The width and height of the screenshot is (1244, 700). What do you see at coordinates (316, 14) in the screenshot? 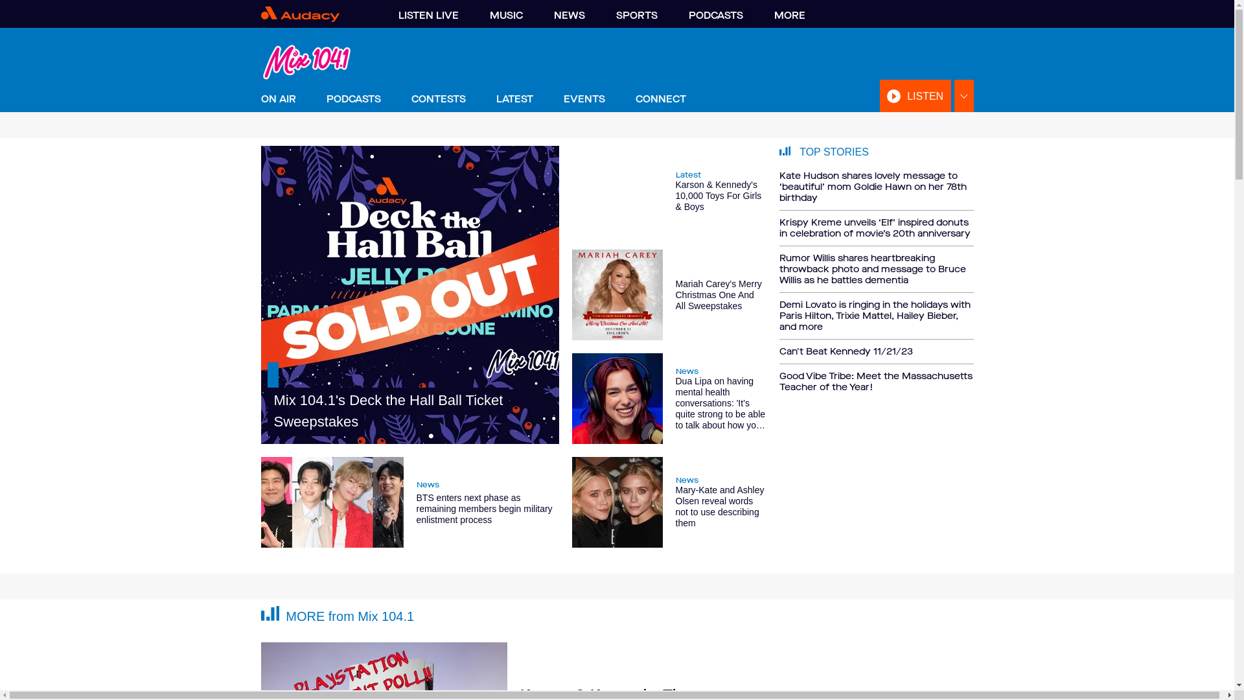
I see `'Audacy Logo'` at bounding box center [316, 14].